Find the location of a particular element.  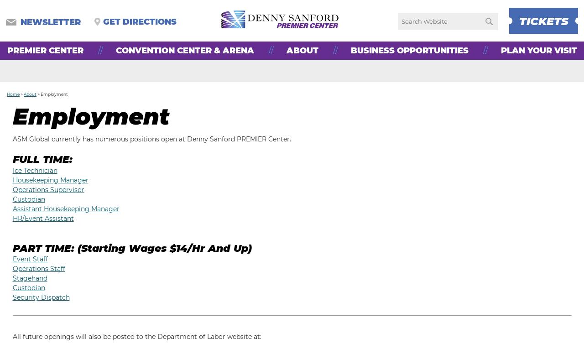

'Plan Your Visit' is located at coordinates (538, 50).